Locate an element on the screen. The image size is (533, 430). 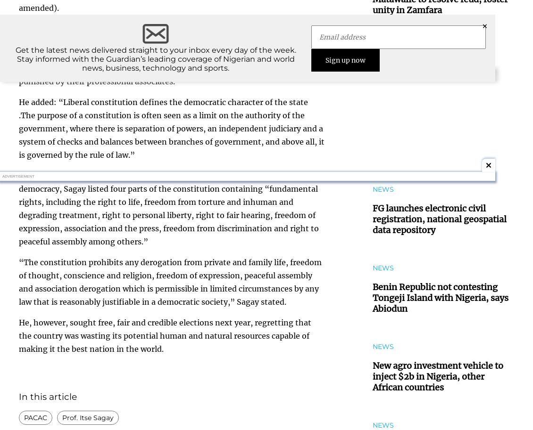
'New agro investment  vehicle to inject  $2b in Nigeria, other African countries' is located at coordinates (437, 375).